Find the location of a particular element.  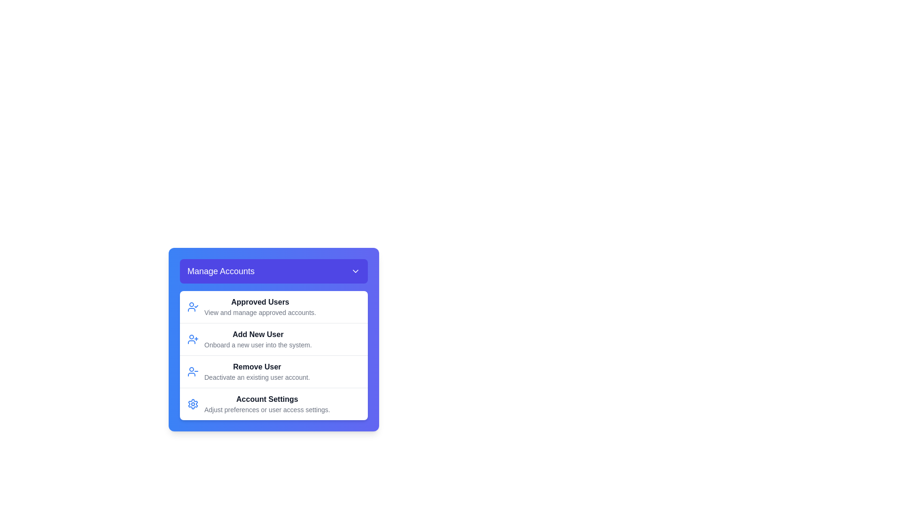

the settings icon located within the 'Account Settings' button, which is the fourth option in the dropdown menu under 'Manage Accounts' is located at coordinates (193, 403).